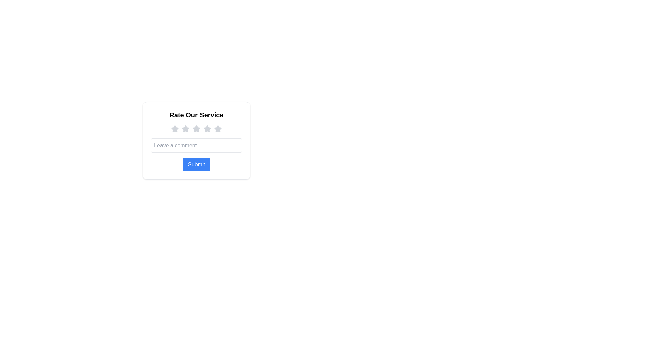  I want to click on the gray star-shaped icon with a hollow outline, which is the third star in a horizontal set of five star icons, so click(196, 129).